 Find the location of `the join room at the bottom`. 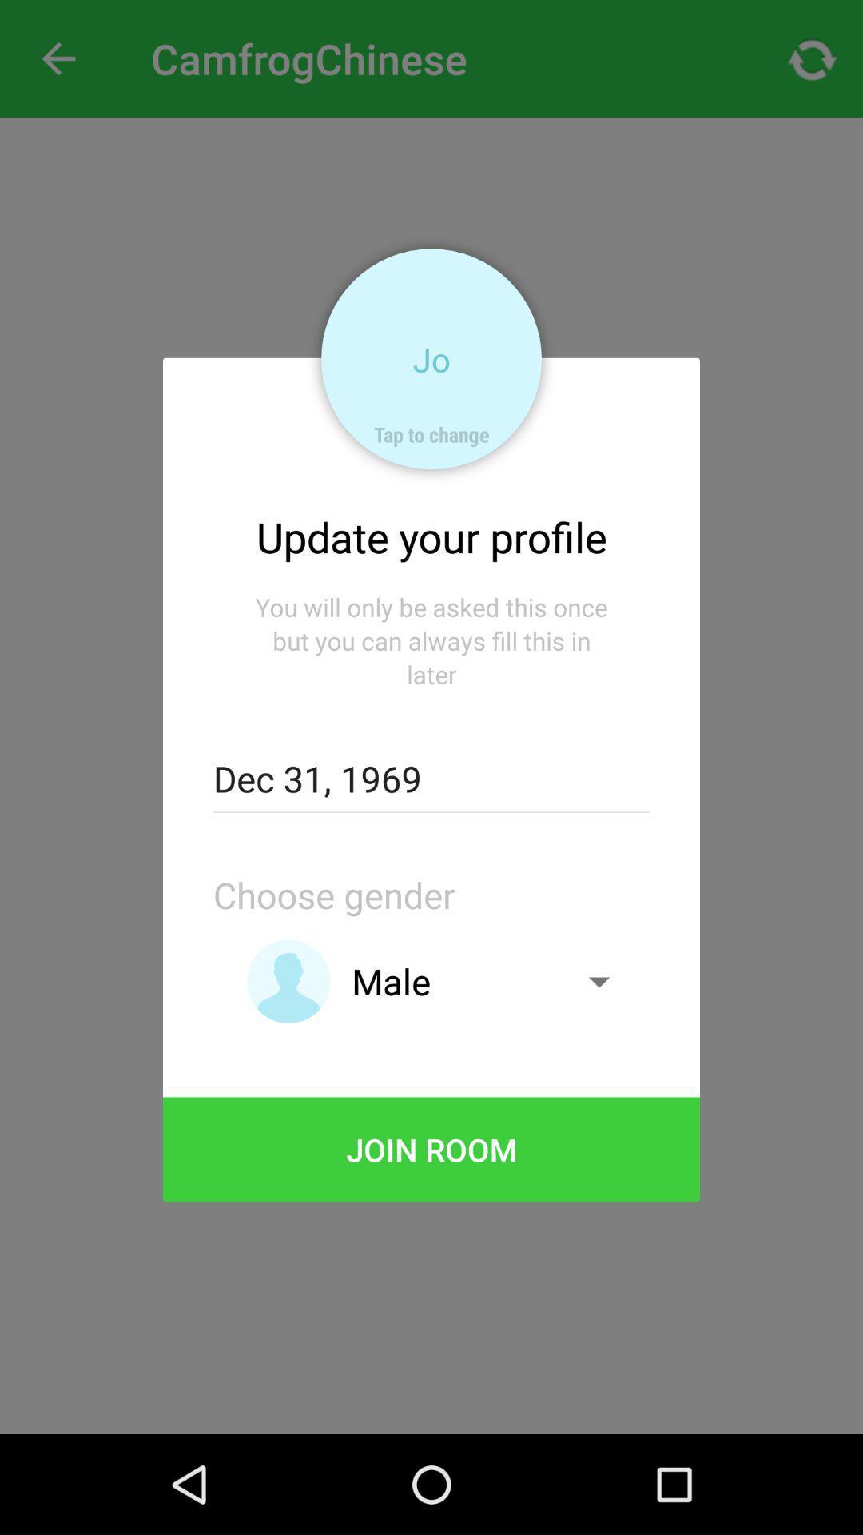

the join room at the bottom is located at coordinates (431, 1149).